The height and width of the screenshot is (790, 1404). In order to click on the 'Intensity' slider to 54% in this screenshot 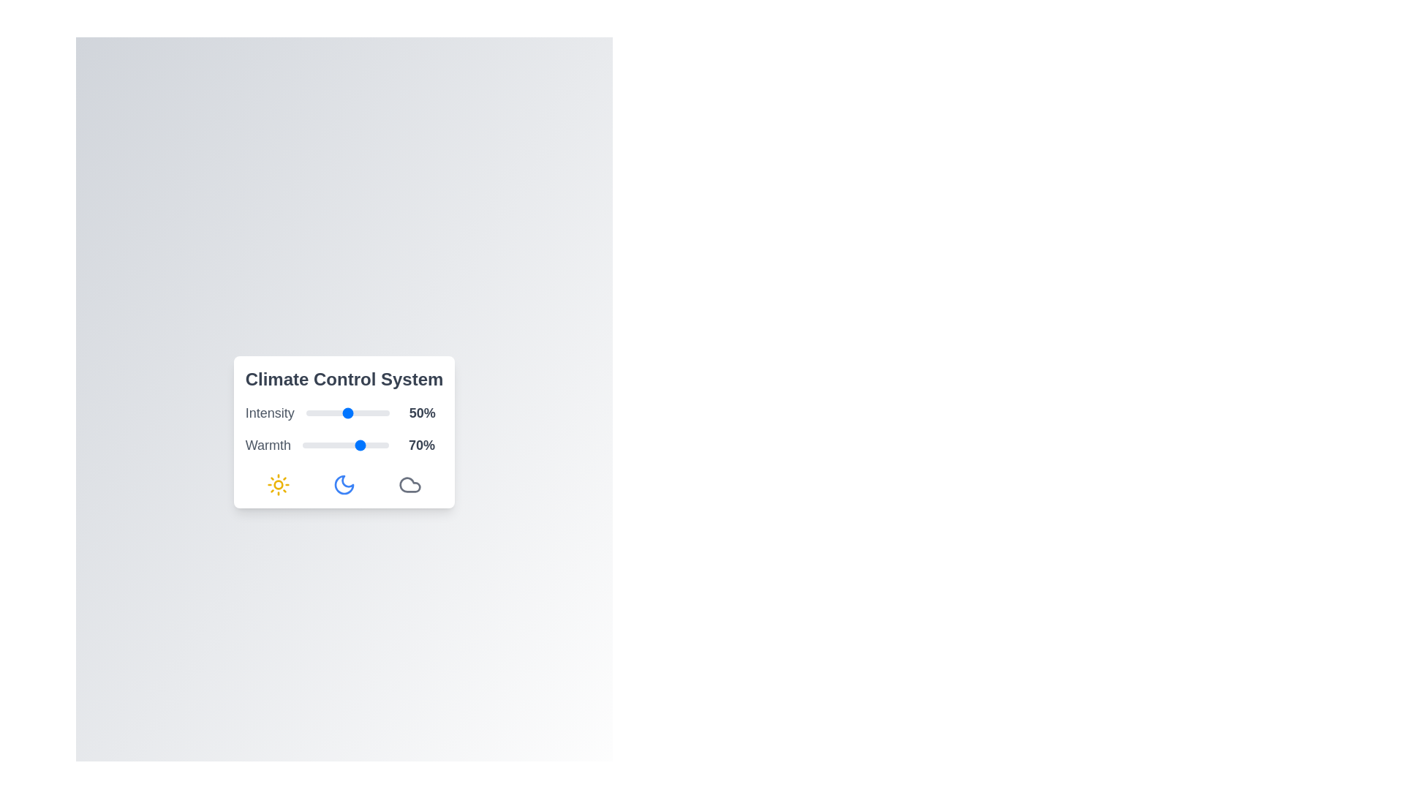, I will do `click(351, 413)`.